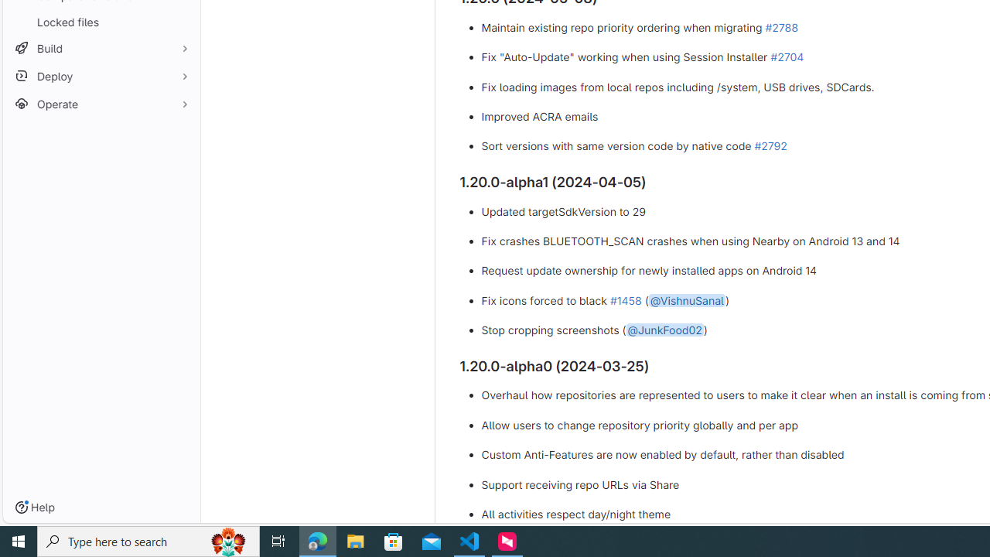 The height and width of the screenshot is (557, 990). I want to click on 'Search highlights icon opens search home window', so click(227, 540).